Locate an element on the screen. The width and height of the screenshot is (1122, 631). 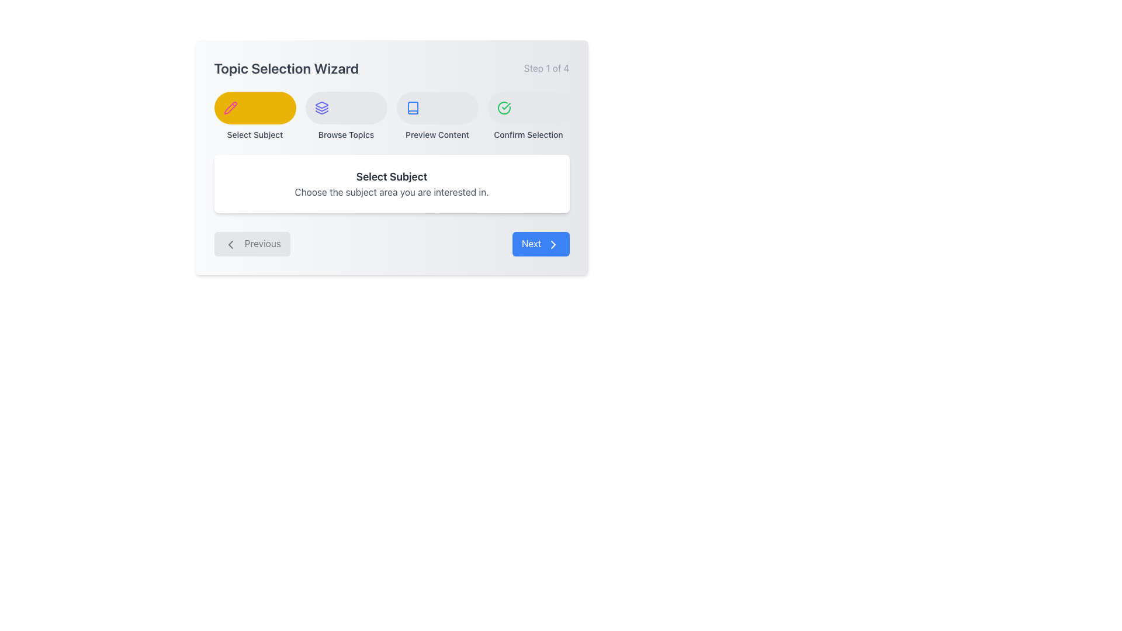
the Text Label that serves as a heading for selecting a subject, located above the description text in the center section of the interface is located at coordinates (392, 177).